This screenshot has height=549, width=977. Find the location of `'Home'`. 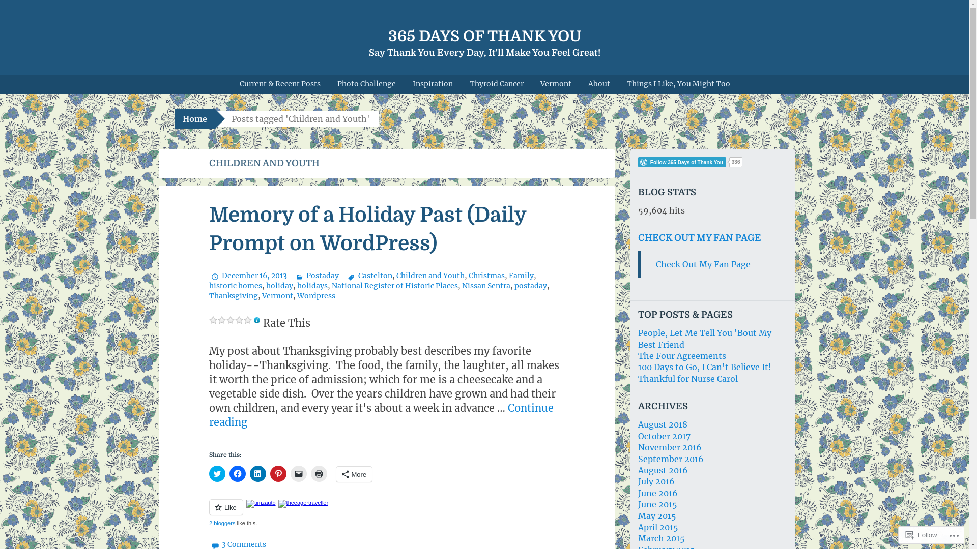

'Home' is located at coordinates (194, 118).